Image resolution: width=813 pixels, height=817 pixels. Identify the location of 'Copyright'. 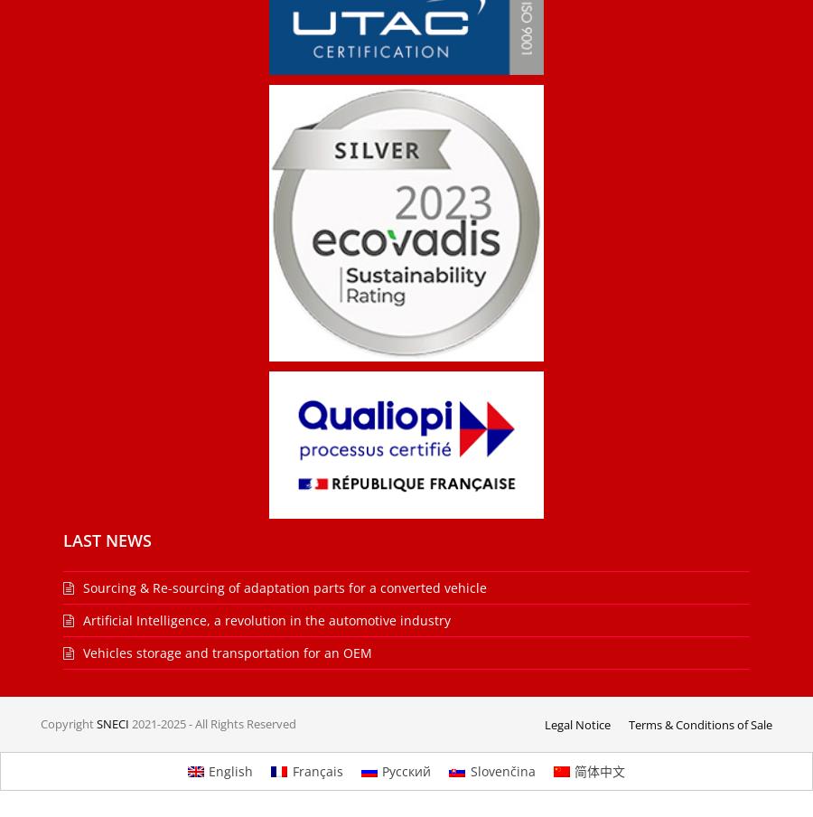
(67, 723).